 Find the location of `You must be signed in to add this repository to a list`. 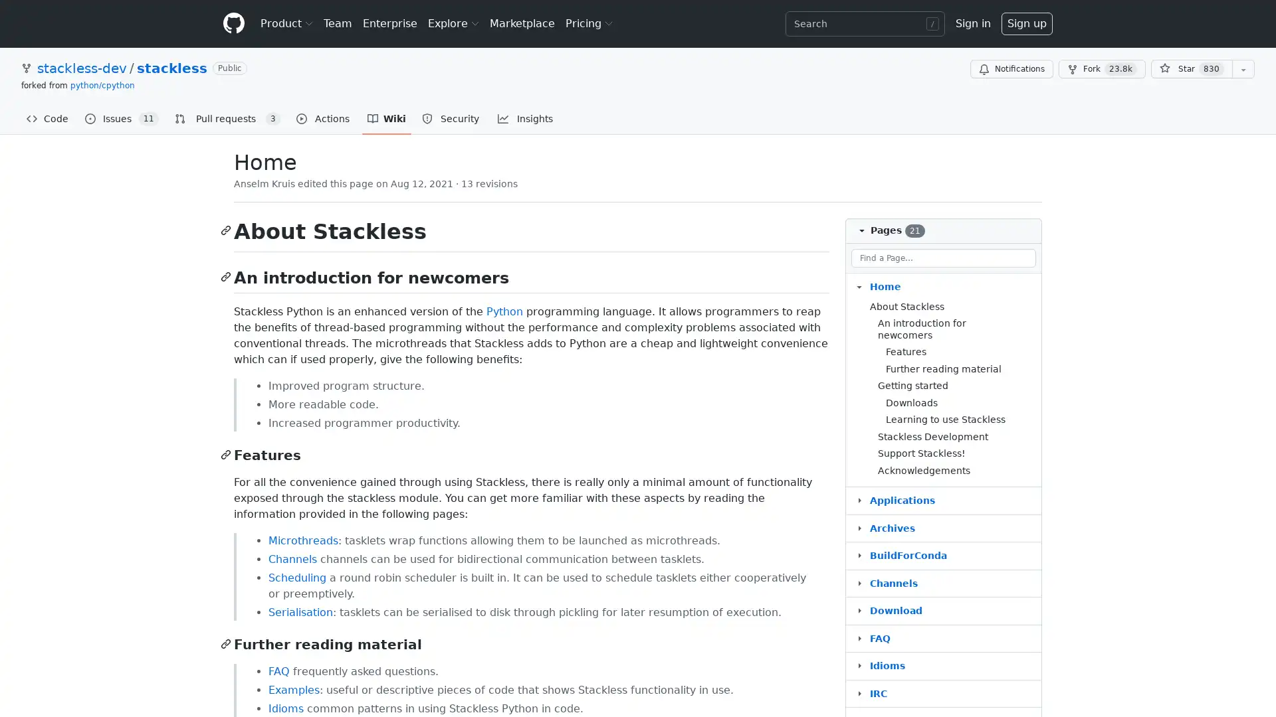

You must be signed in to add this repository to a list is located at coordinates (1243, 69).